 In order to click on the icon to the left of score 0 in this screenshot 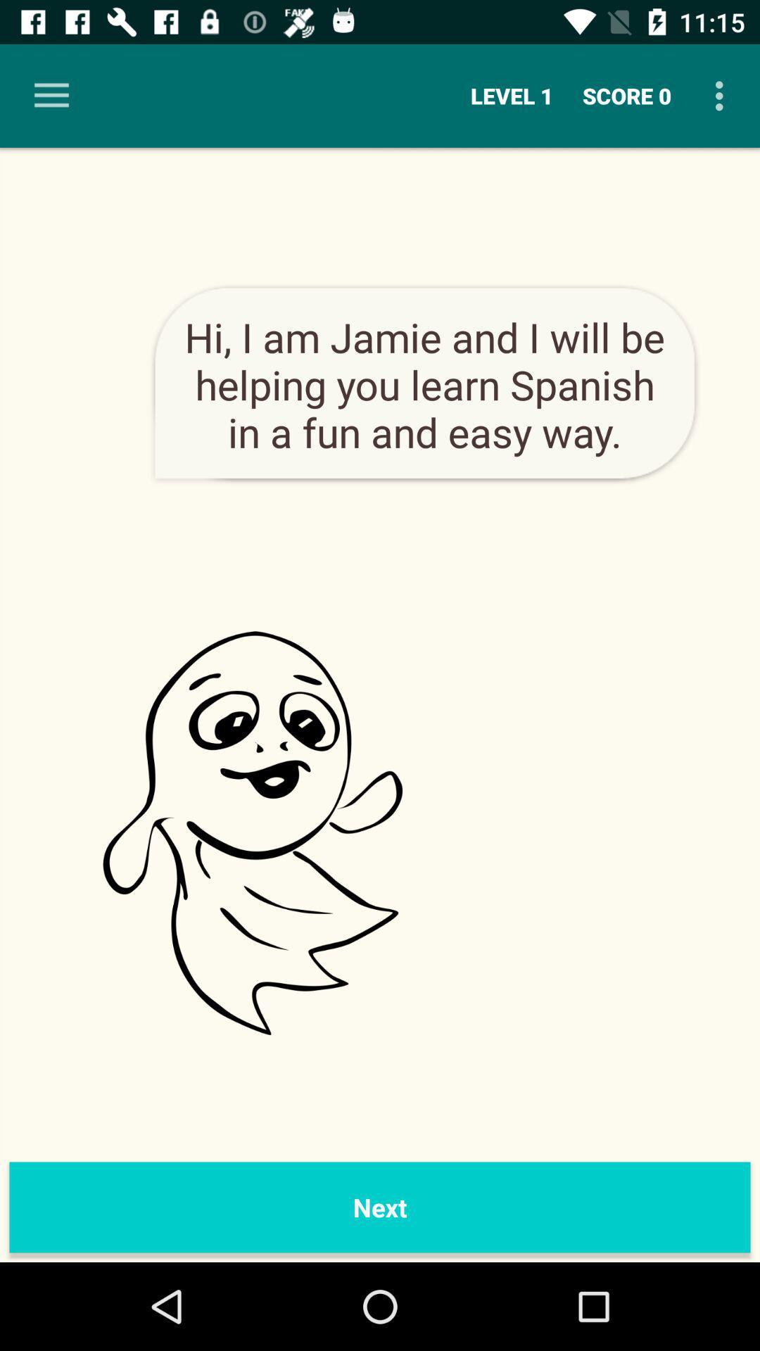, I will do `click(512, 95)`.